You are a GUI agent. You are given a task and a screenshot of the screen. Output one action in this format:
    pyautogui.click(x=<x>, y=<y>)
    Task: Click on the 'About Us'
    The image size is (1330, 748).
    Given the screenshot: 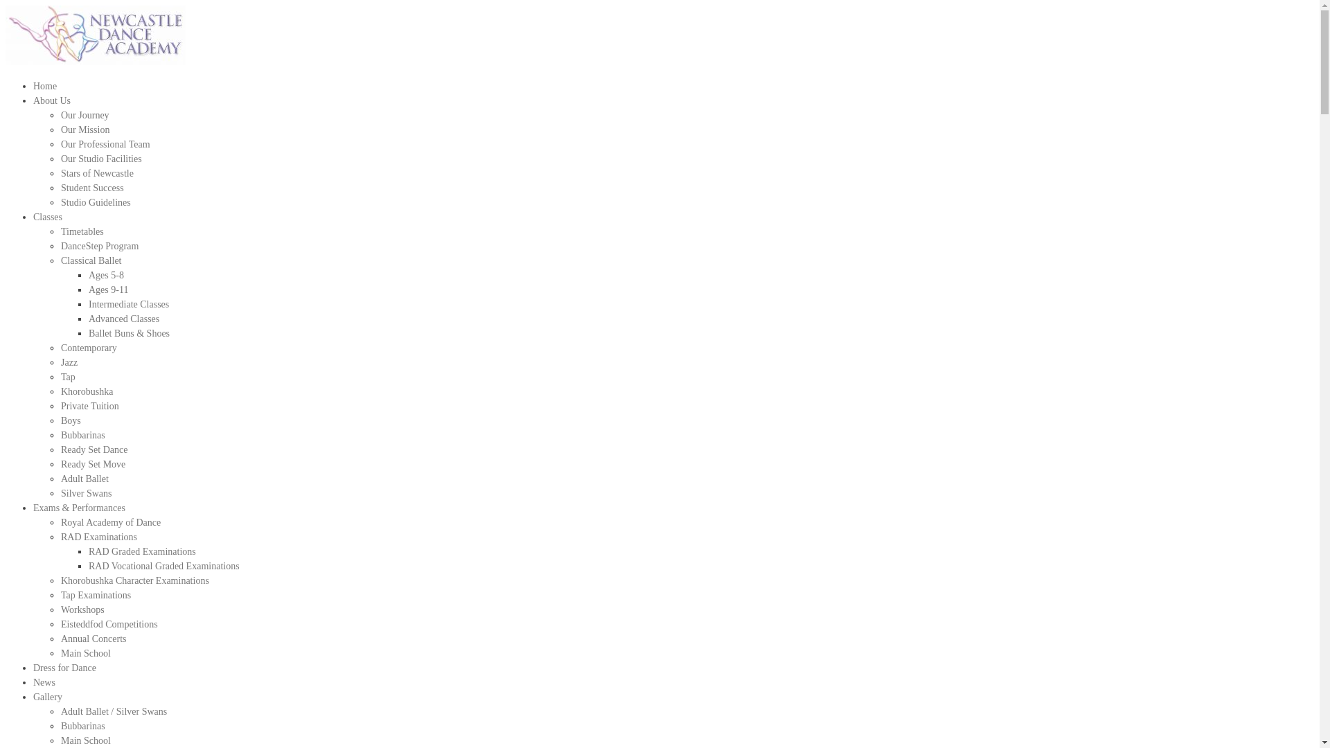 What is the action you would take?
    pyautogui.click(x=52, y=100)
    